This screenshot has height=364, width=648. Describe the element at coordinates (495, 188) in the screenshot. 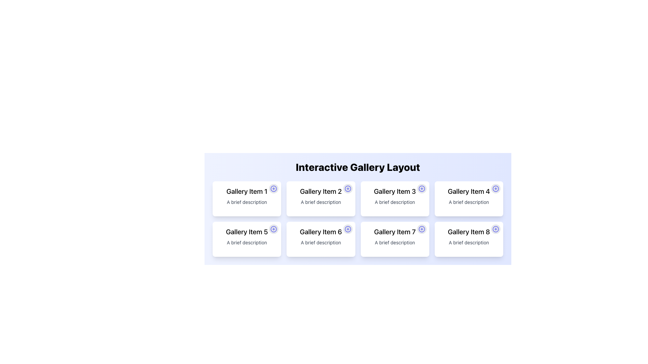

I see `the interactive button located in the top-right corner of the card titled 'Gallery Item 4'` at that location.